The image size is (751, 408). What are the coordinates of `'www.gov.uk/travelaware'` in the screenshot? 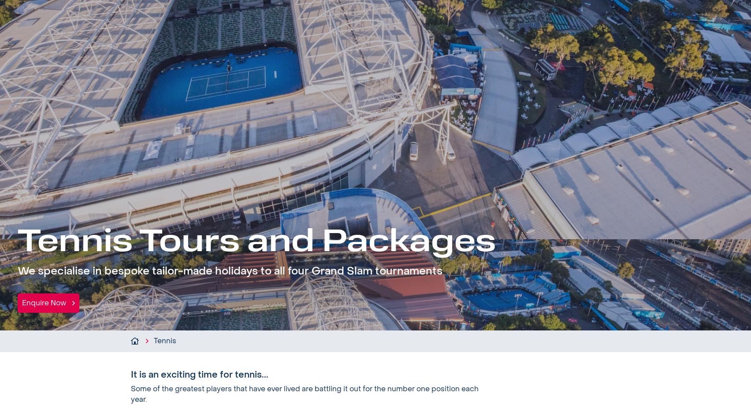 It's located at (533, 214).